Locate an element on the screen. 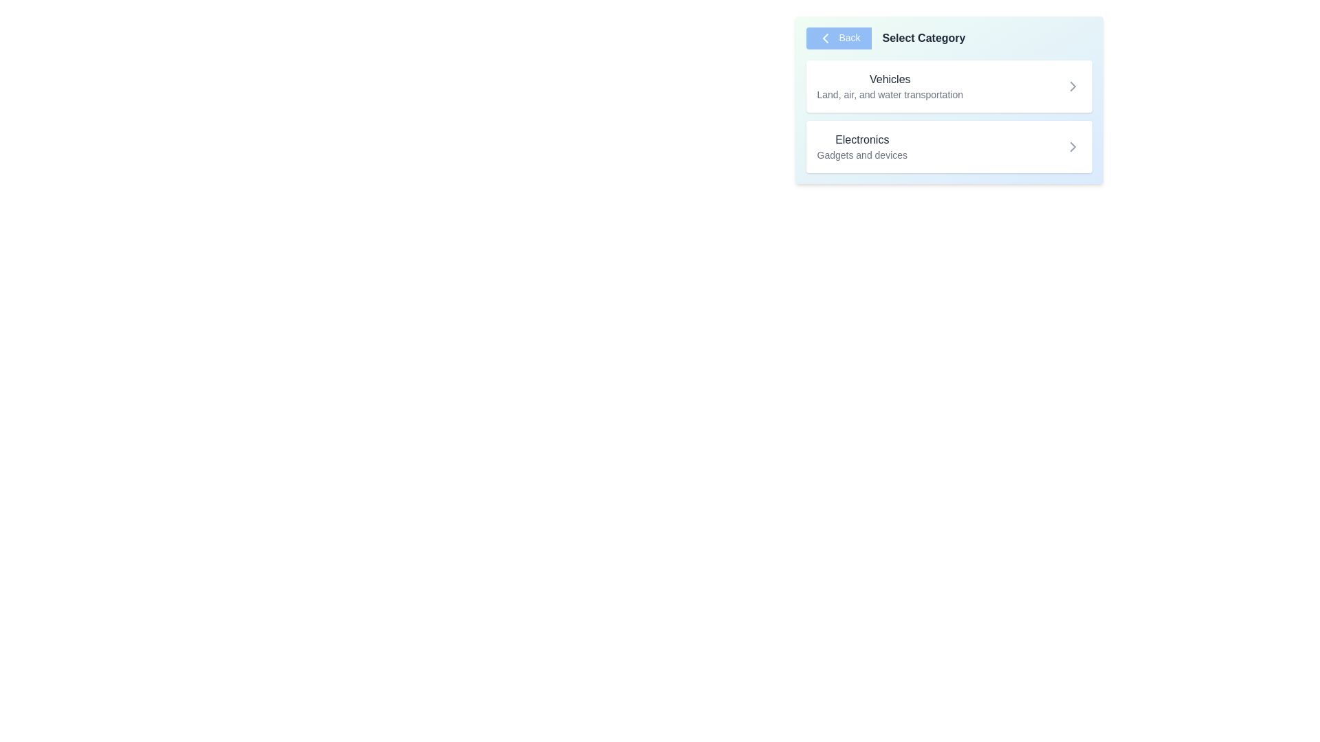 The width and height of the screenshot is (1320, 742). the chevron arrow icon embedded within the 'Back' button in the top-left section of the rectangular card UI is located at coordinates (825, 38).